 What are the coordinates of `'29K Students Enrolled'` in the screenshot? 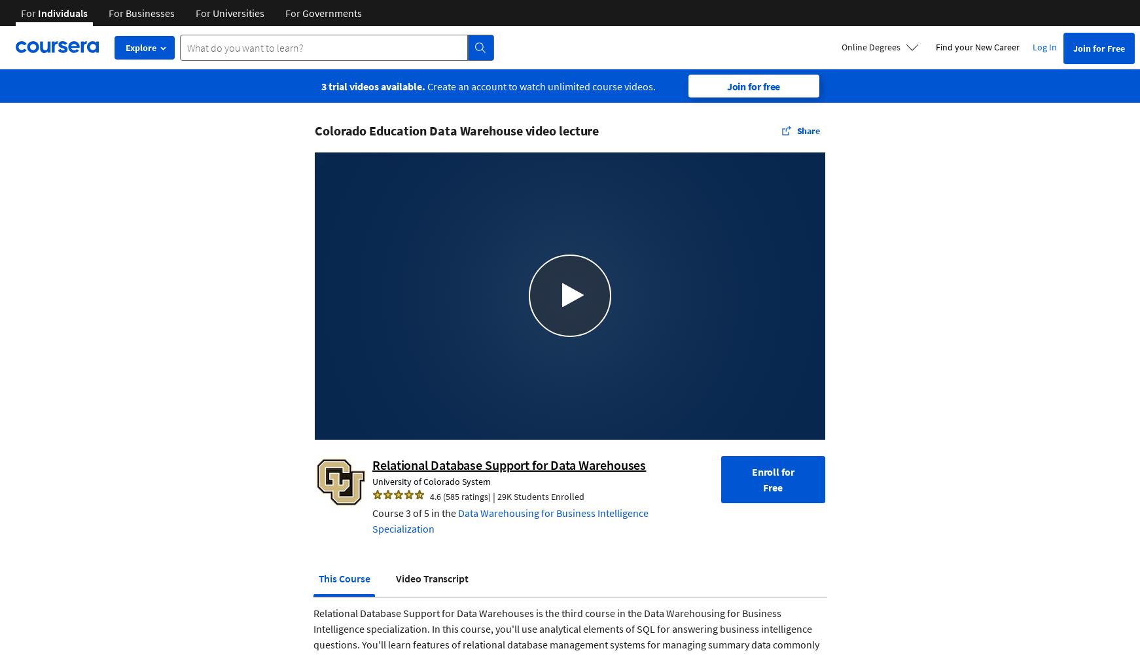 It's located at (541, 495).